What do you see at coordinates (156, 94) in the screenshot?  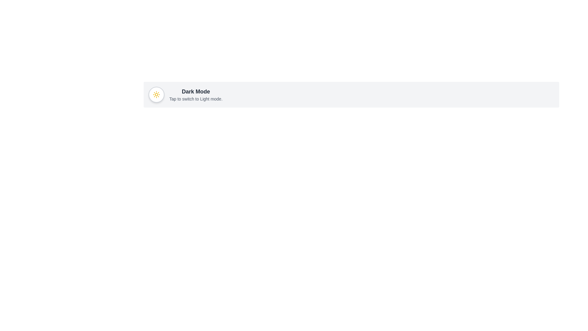 I see `the central sun icon within the circular white background of the 'Dark Mode' toggle` at bounding box center [156, 94].